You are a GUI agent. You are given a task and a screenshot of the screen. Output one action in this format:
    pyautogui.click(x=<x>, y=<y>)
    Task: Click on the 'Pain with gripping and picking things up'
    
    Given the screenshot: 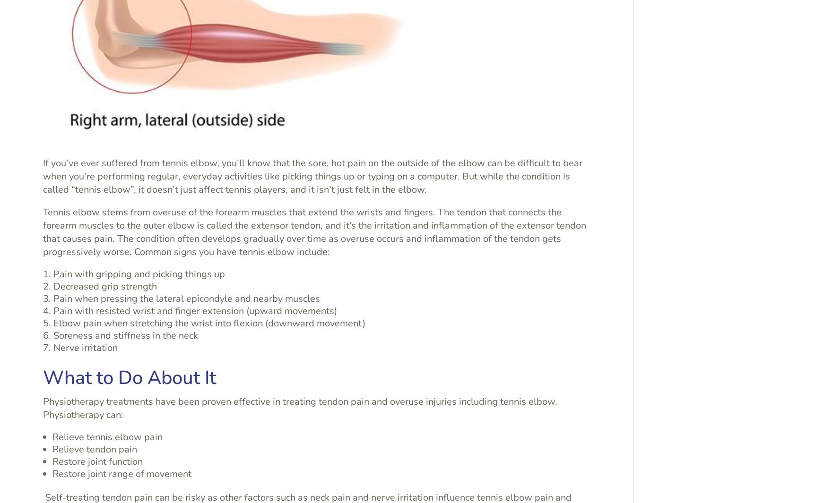 What is the action you would take?
    pyautogui.click(x=139, y=273)
    